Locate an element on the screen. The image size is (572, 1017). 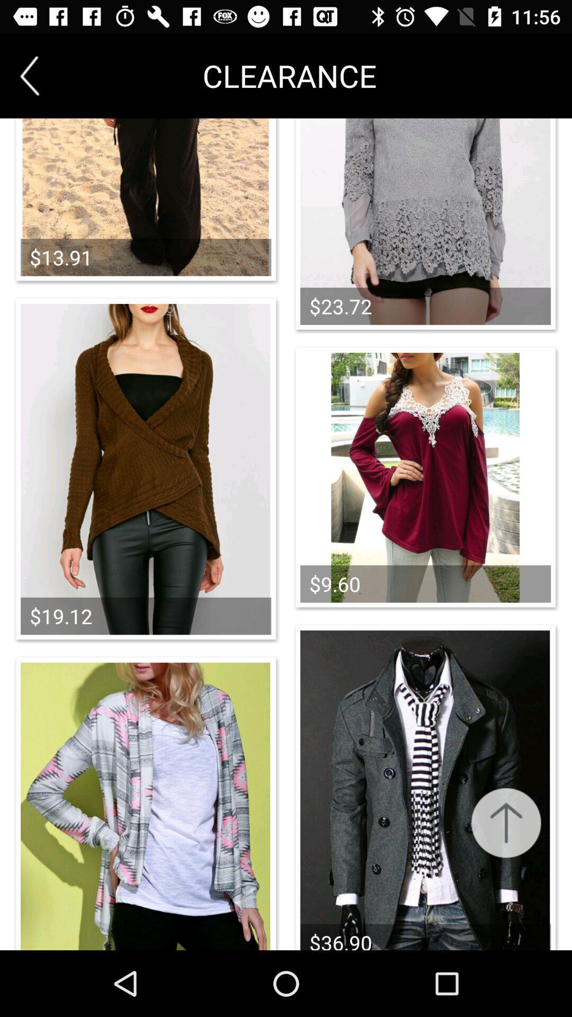
go back is located at coordinates (29, 75).